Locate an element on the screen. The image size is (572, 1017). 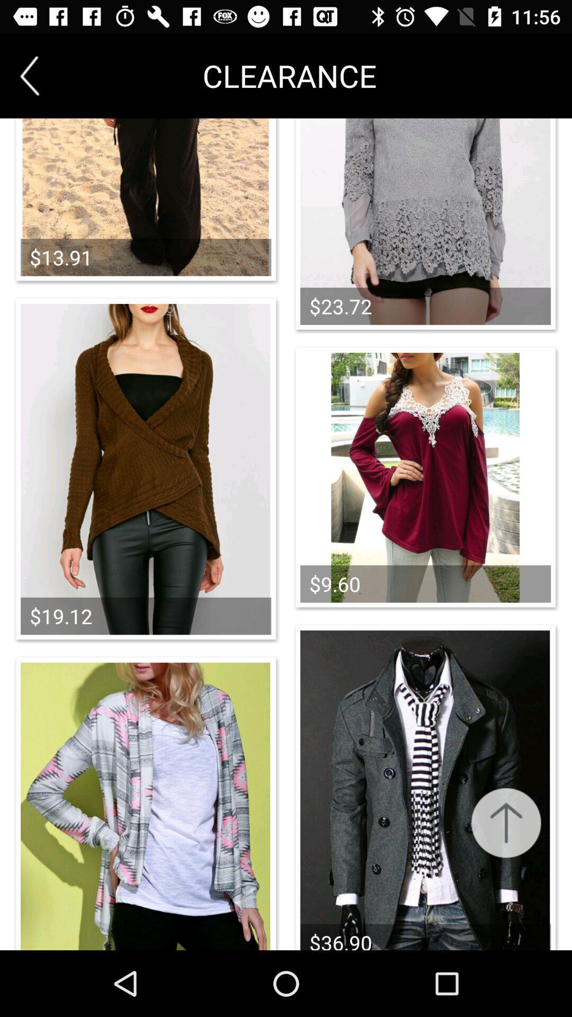
go back is located at coordinates (29, 75).